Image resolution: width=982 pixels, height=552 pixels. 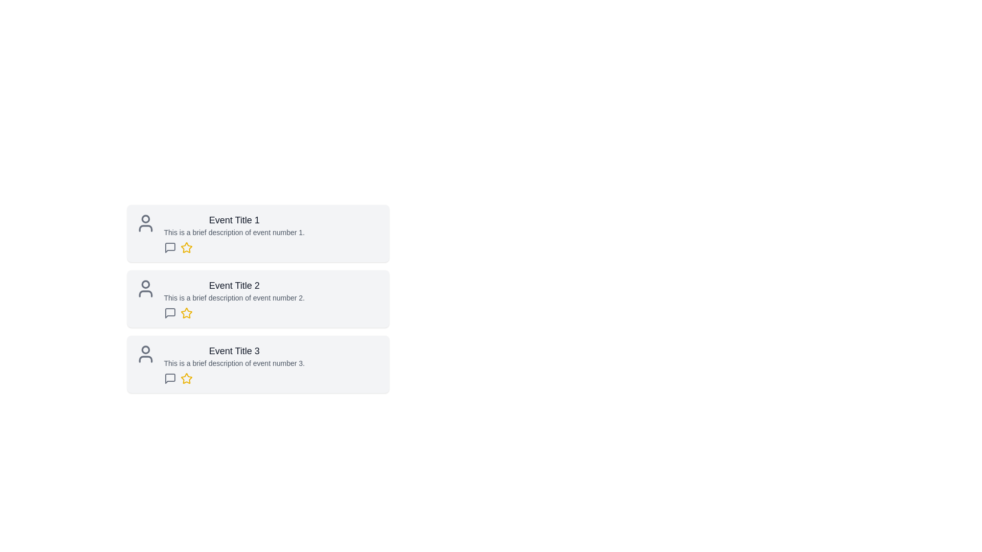 I want to click on the Avatar icon, which is a circular icon with a stylized user silhouette in gray, located at the top left corner of the 'Event Title 2' card, so click(x=145, y=288).